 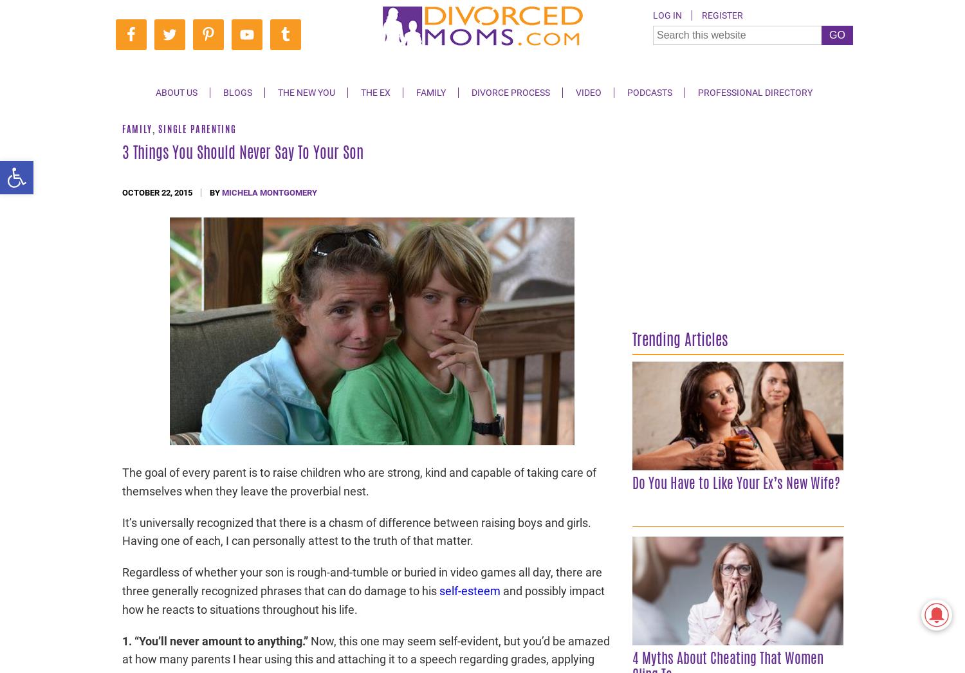 I want to click on 'and possibly impact how he reacts to situations throughout his life.', so click(x=363, y=600).